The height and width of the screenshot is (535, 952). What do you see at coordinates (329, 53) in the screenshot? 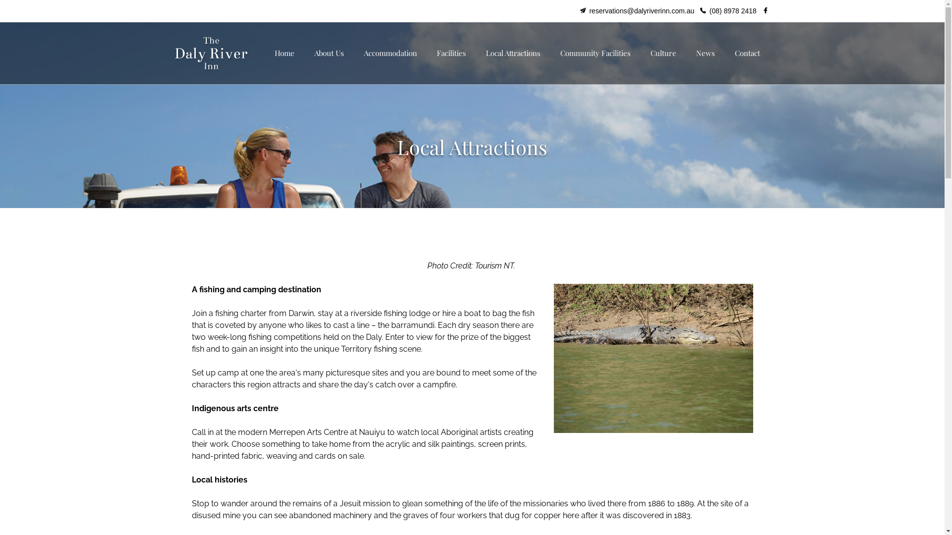
I see `'About Us'` at bounding box center [329, 53].